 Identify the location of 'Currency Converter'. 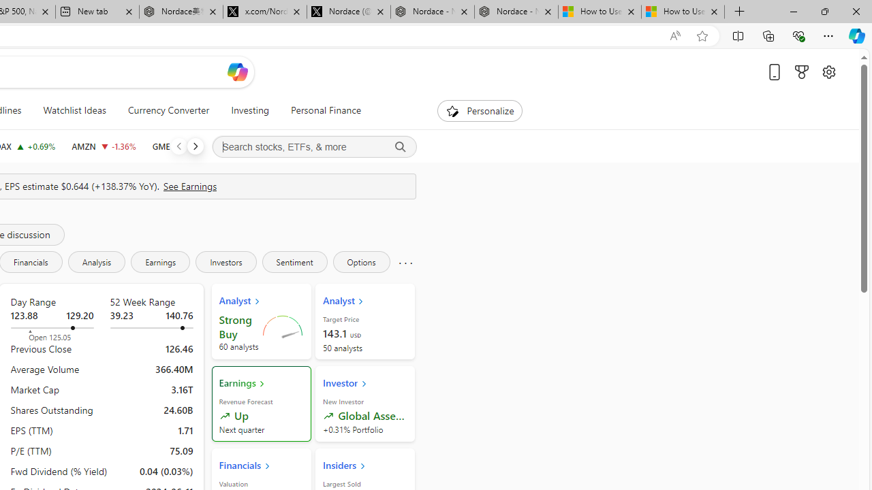
(168, 110).